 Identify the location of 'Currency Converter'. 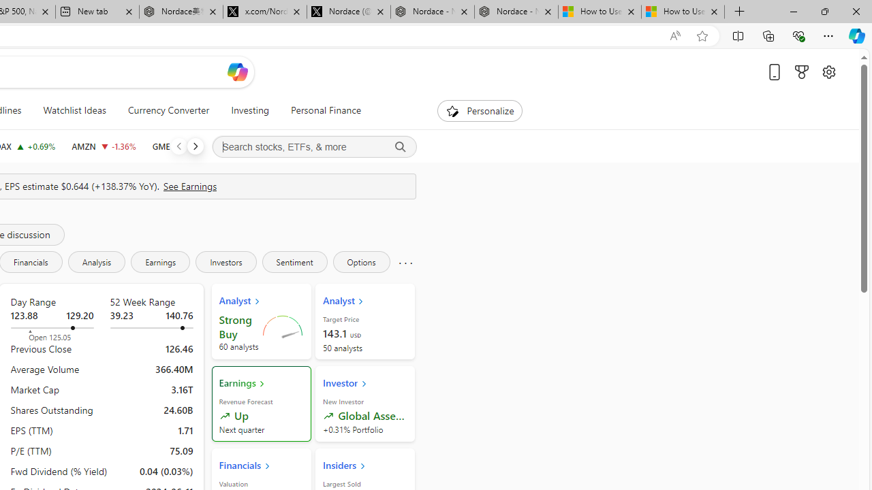
(168, 110).